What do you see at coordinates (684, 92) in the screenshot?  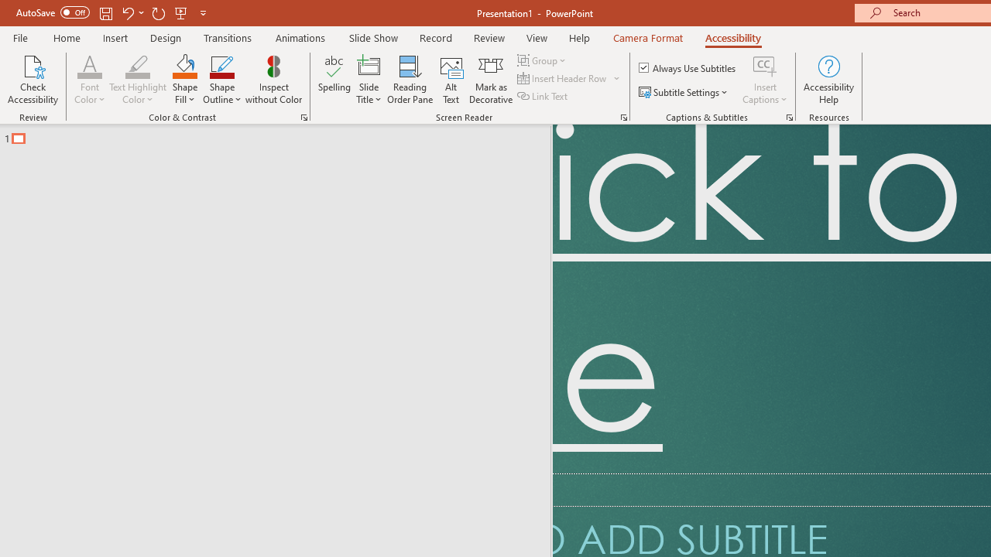 I see `'Subtitle Settings'` at bounding box center [684, 92].